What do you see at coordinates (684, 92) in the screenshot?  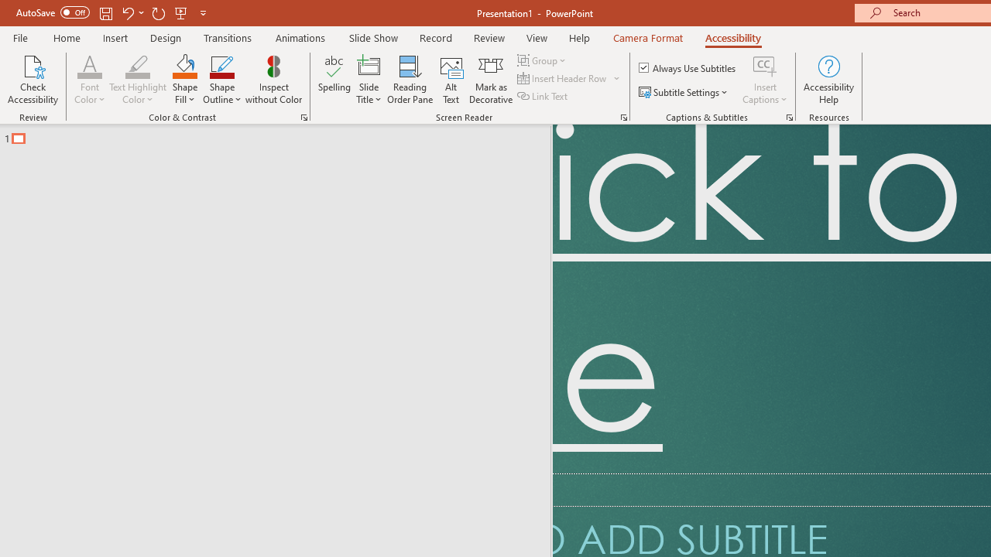 I see `'Subtitle Settings'` at bounding box center [684, 92].